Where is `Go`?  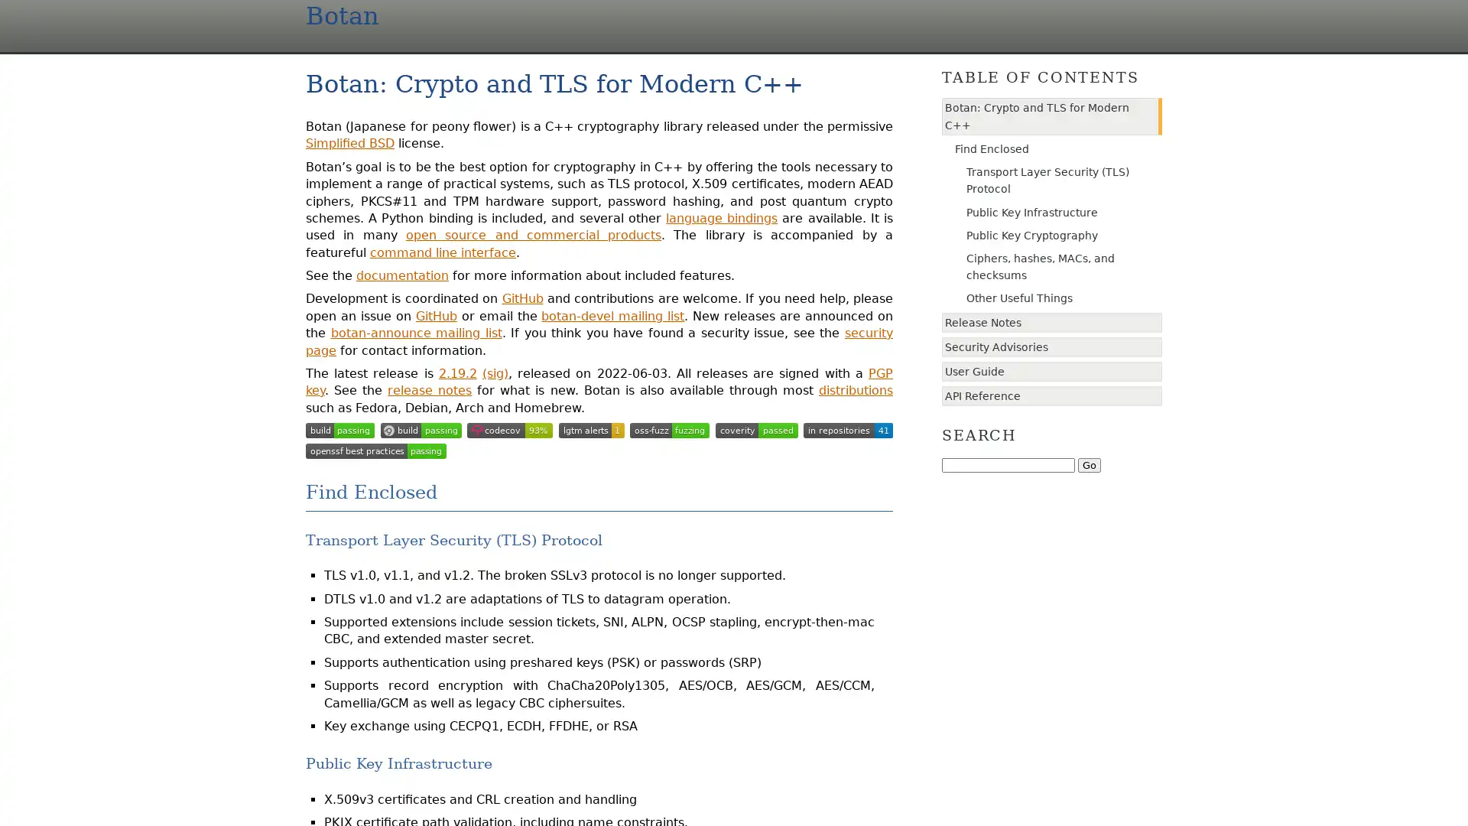
Go is located at coordinates (1089, 463).